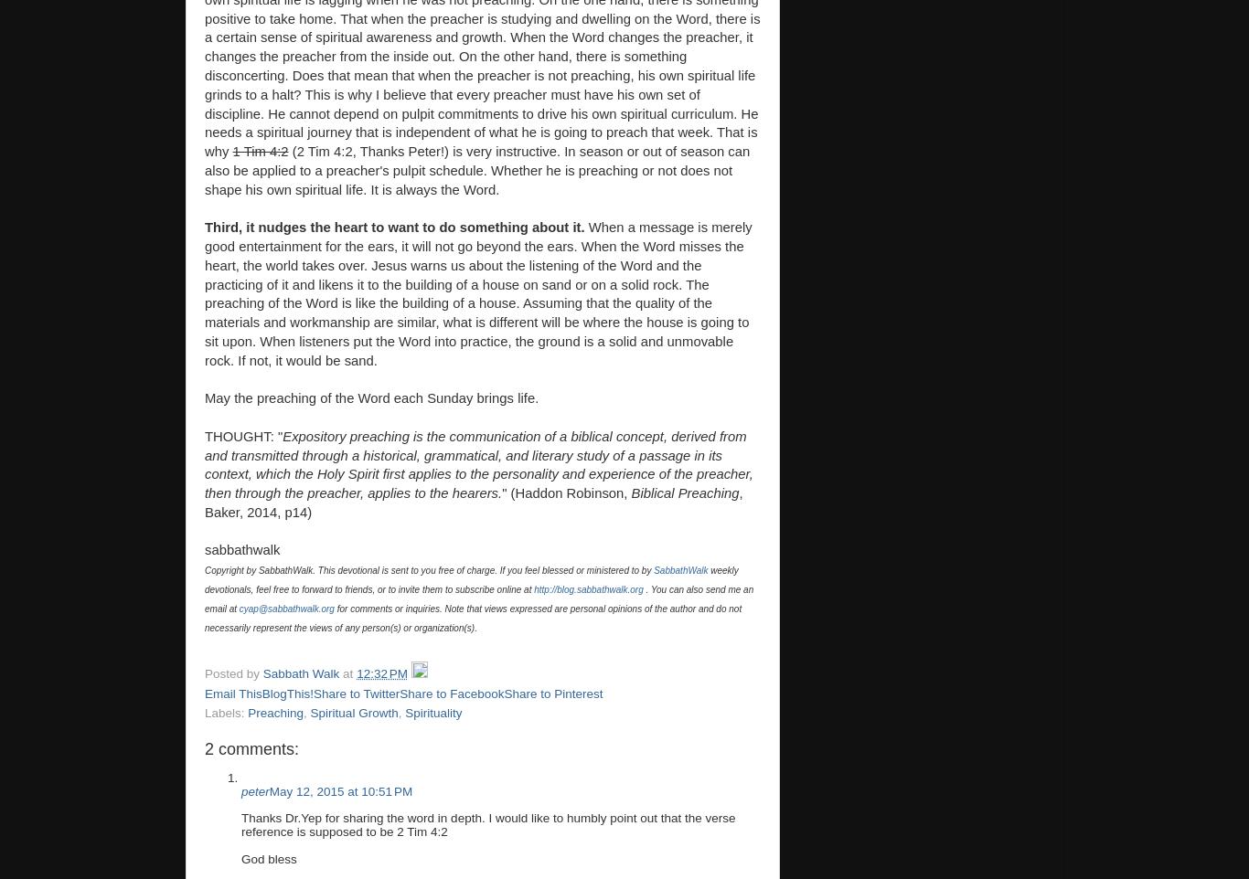 The image size is (1249, 879). I want to click on 'cyap@sabbathwalk.org', so click(239, 608).